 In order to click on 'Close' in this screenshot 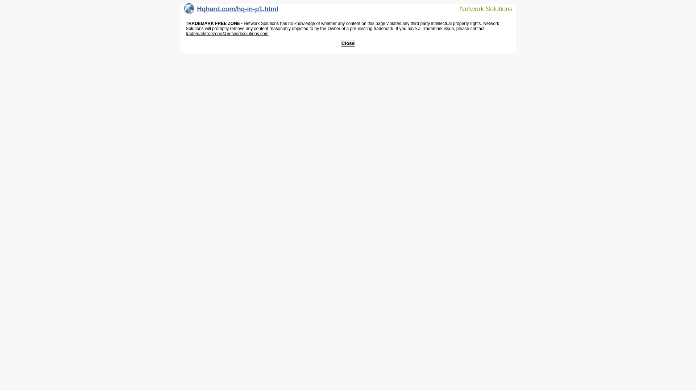, I will do `click(348, 43)`.